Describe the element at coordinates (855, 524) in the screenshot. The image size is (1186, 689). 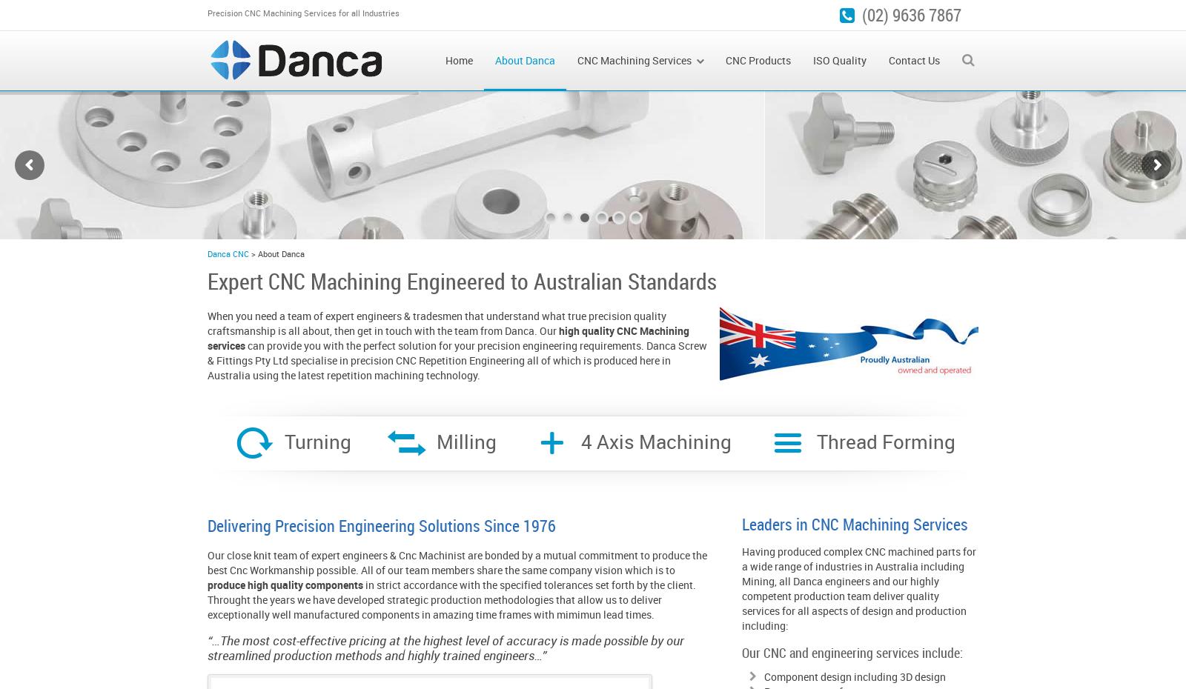
I see `'Leaders in CNC Machining Services'` at that location.